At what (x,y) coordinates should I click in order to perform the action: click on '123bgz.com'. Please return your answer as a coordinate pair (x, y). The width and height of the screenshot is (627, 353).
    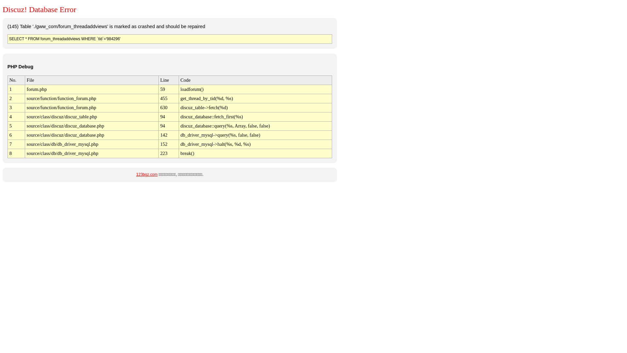
    Looking at the image, I should click on (146, 174).